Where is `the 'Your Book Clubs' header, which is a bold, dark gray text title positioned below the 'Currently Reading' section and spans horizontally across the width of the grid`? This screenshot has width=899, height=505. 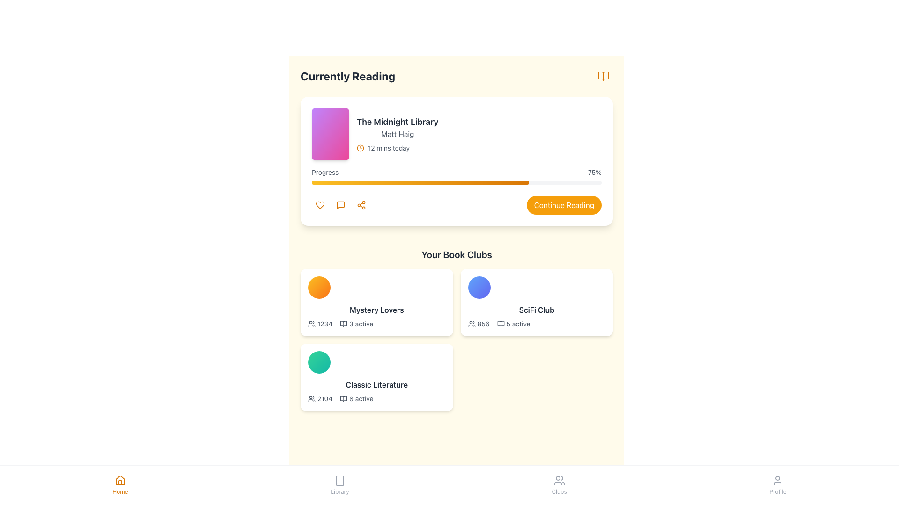
the 'Your Book Clubs' header, which is a bold, dark gray text title positioned below the 'Currently Reading' section and spans horizontally across the width of the grid is located at coordinates (457, 254).